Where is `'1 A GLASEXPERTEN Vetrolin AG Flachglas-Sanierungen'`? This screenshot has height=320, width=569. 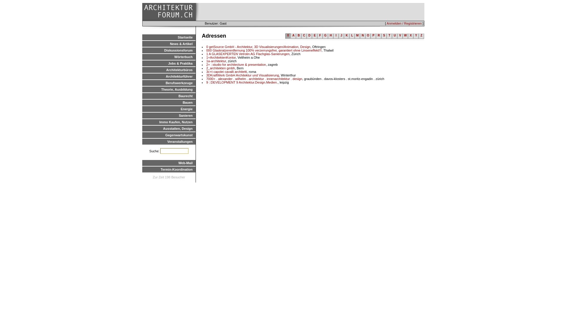
'1 A GLASEXPERTEN Vetrolin AG Flachglas-Sanierungen' is located at coordinates (248, 54).